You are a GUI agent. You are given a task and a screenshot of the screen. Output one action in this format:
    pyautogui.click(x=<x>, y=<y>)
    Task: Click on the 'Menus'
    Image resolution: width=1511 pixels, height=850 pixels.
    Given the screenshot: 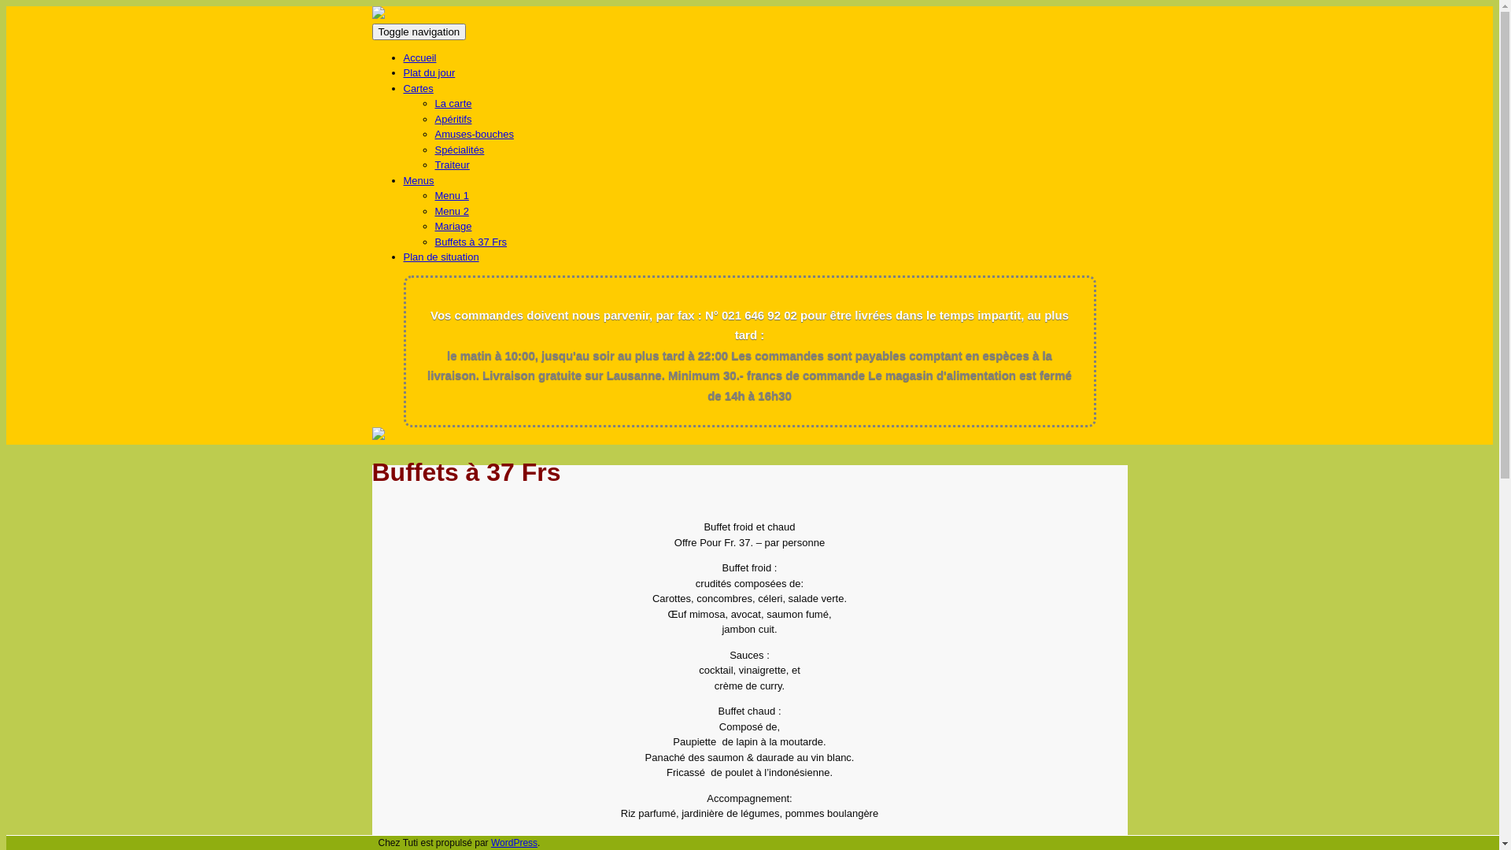 What is the action you would take?
    pyautogui.click(x=418, y=179)
    